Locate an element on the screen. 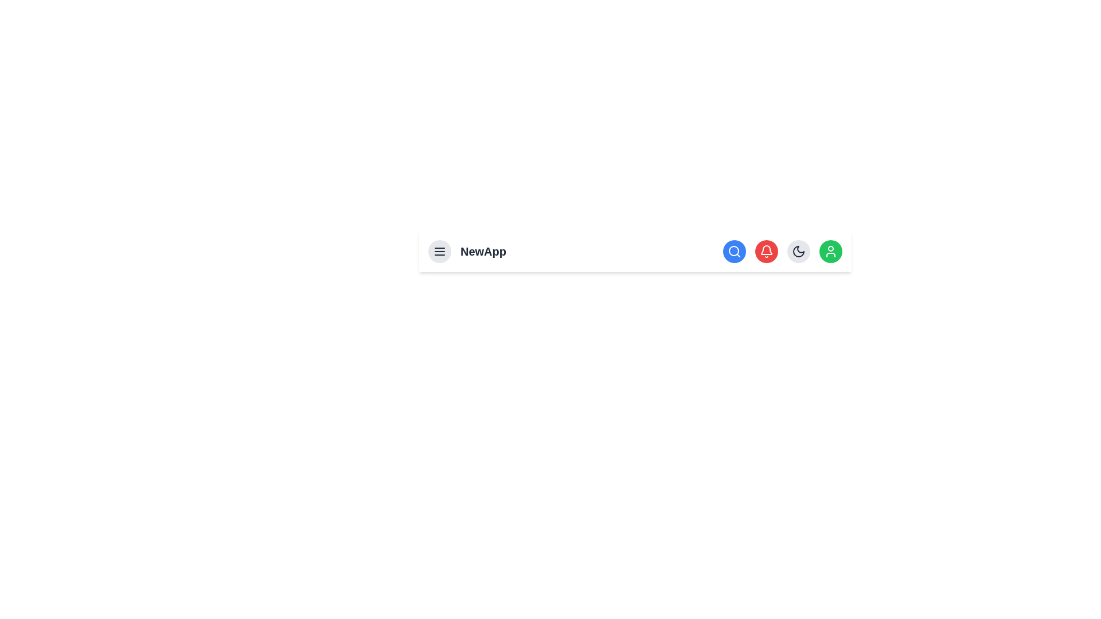  the search button to activate the search functionality is located at coordinates (735, 251).